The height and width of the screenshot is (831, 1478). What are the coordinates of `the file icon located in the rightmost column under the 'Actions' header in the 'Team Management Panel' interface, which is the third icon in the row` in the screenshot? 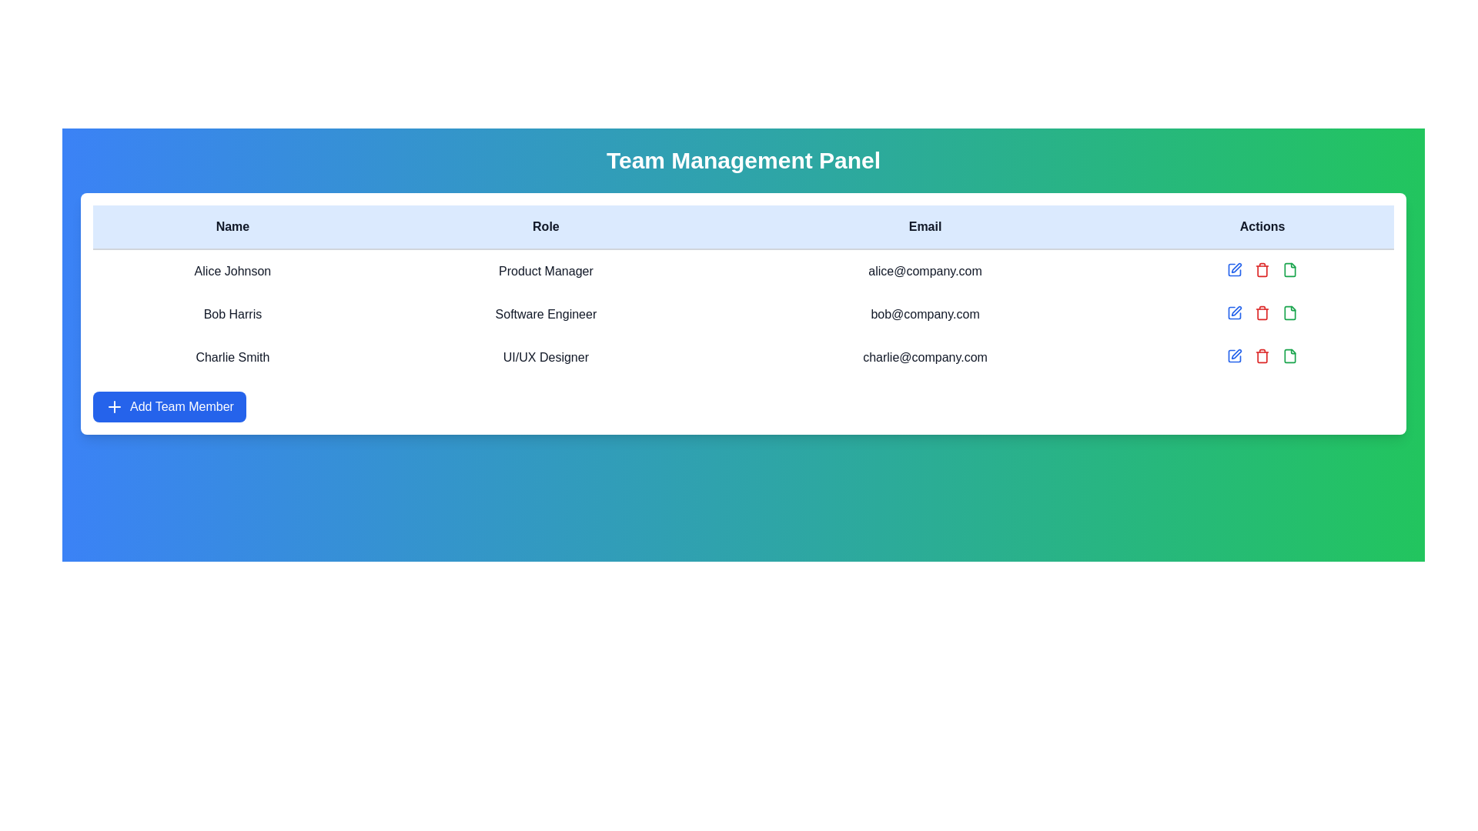 It's located at (1289, 312).